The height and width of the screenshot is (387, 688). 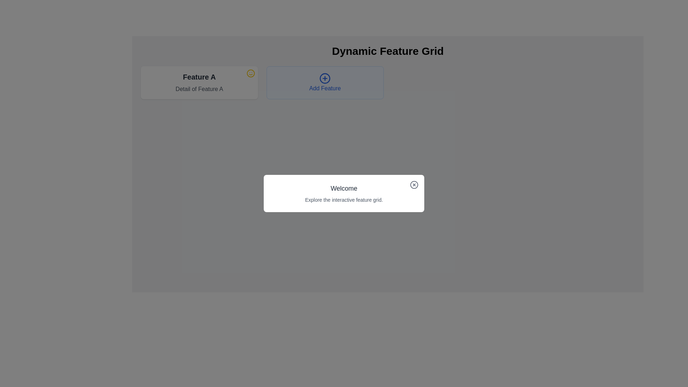 I want to click on the central circle element of the 'circle-x' icon located, so click(x=414, y=185).